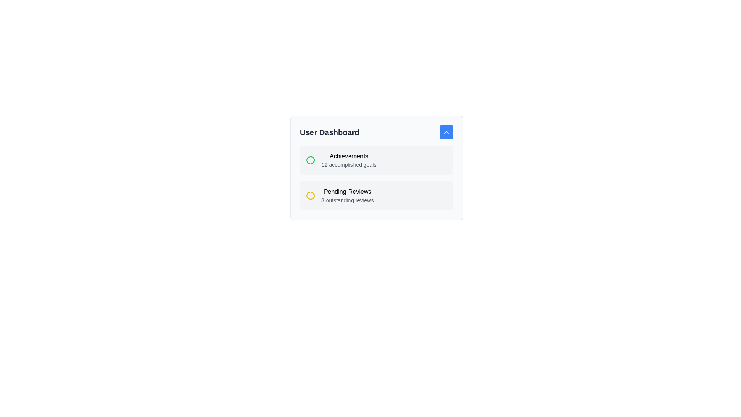 Image resolution: width=741 pixels, height=417 pixels. What do you see at coordinates (376, 160) in the screenshot?
I see `the first accomplishments card, which summarizes the user's achievements and is located at the top of the vertical stack of cards` at bounding box center [376, 160].